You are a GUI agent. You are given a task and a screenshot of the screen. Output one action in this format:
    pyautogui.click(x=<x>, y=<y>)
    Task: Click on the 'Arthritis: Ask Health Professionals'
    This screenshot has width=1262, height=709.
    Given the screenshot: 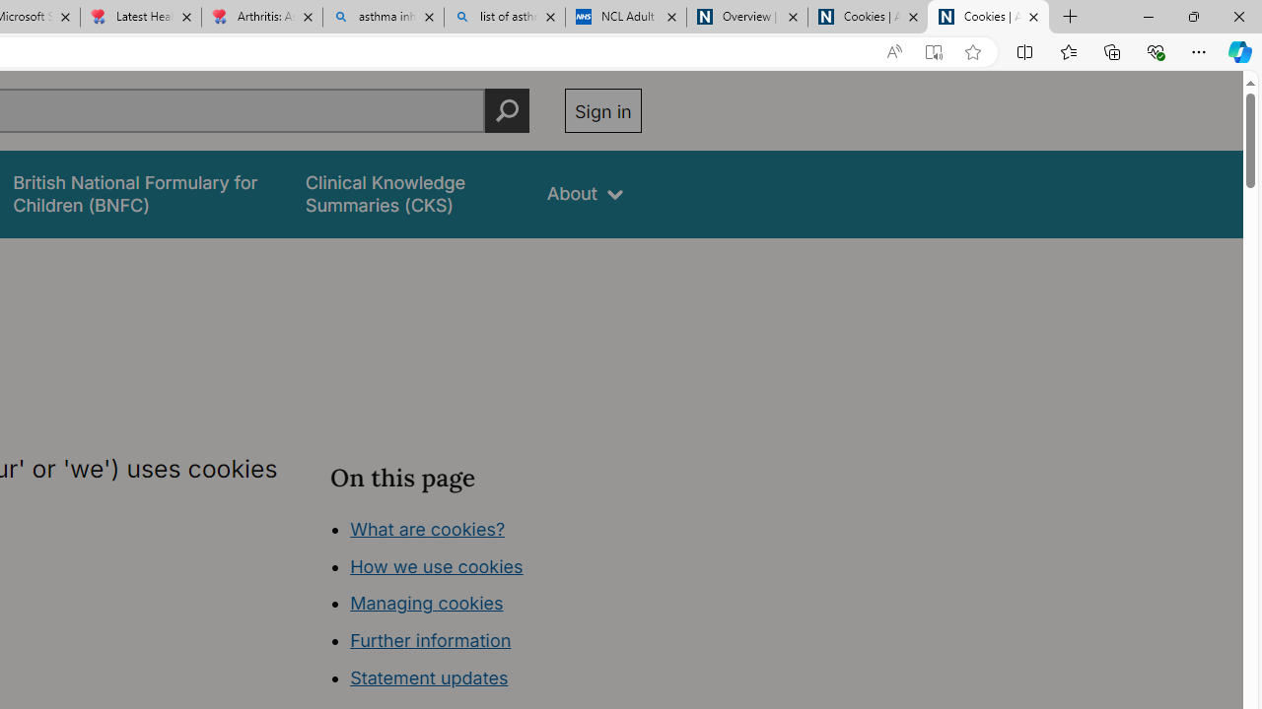 What is the action you would take?
    pyautogui.click(x=260, y=17)
    